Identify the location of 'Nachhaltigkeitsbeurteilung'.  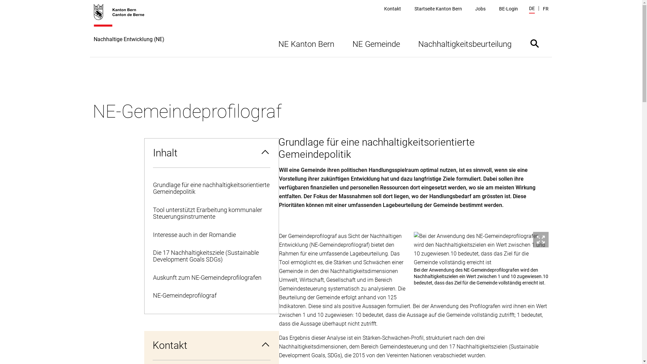
(464, 43).